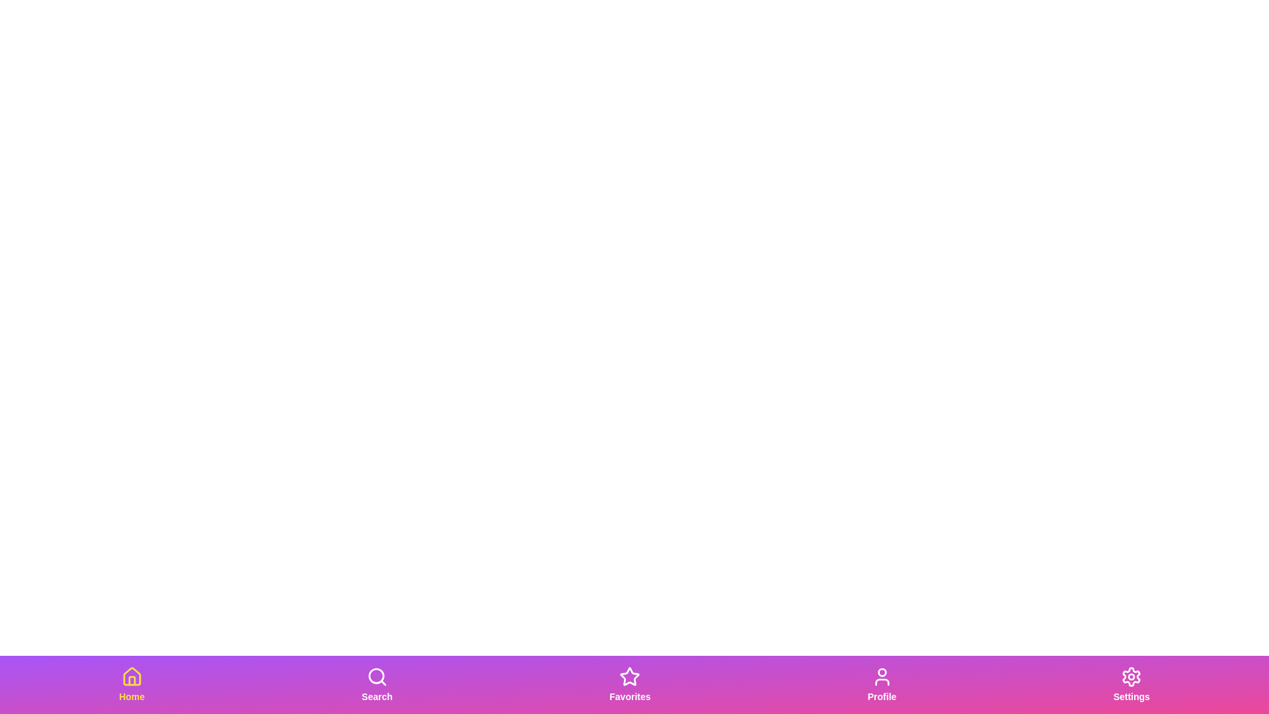  Describe the element at coordinates (629, 684) in the screenshot. I see `the Favorites tab to observe the visual feedback` at that location.